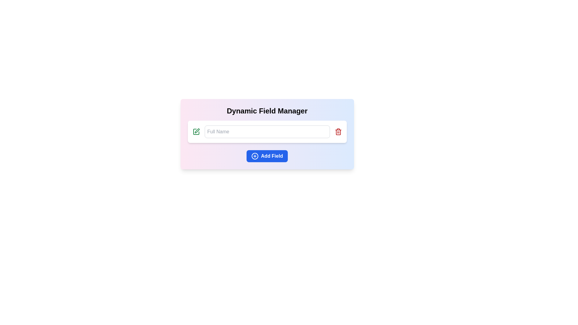  What do you see at coordinates (255, 156) in the screenshot?
I see `the ornamental SVG Circle within the 'Add Field' button, which has a bold blue background and is located at the bottom center of the interface` at bounding box center [255, 156].